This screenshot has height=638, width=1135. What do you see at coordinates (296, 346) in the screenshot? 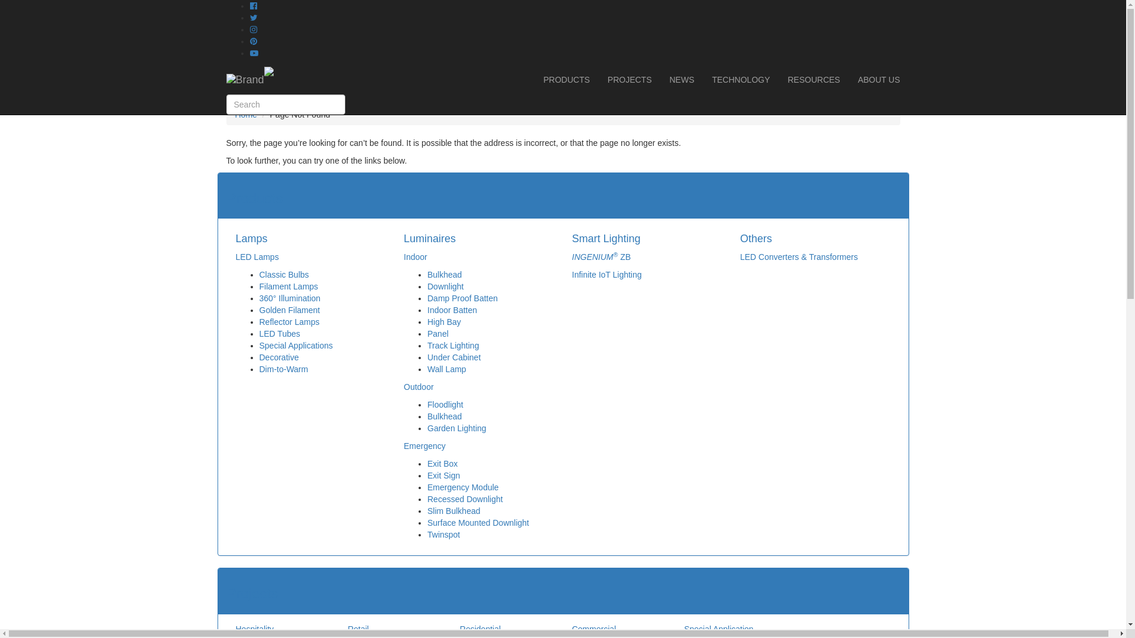
I see `'Special Applications'` at bounding box center [296, 346].